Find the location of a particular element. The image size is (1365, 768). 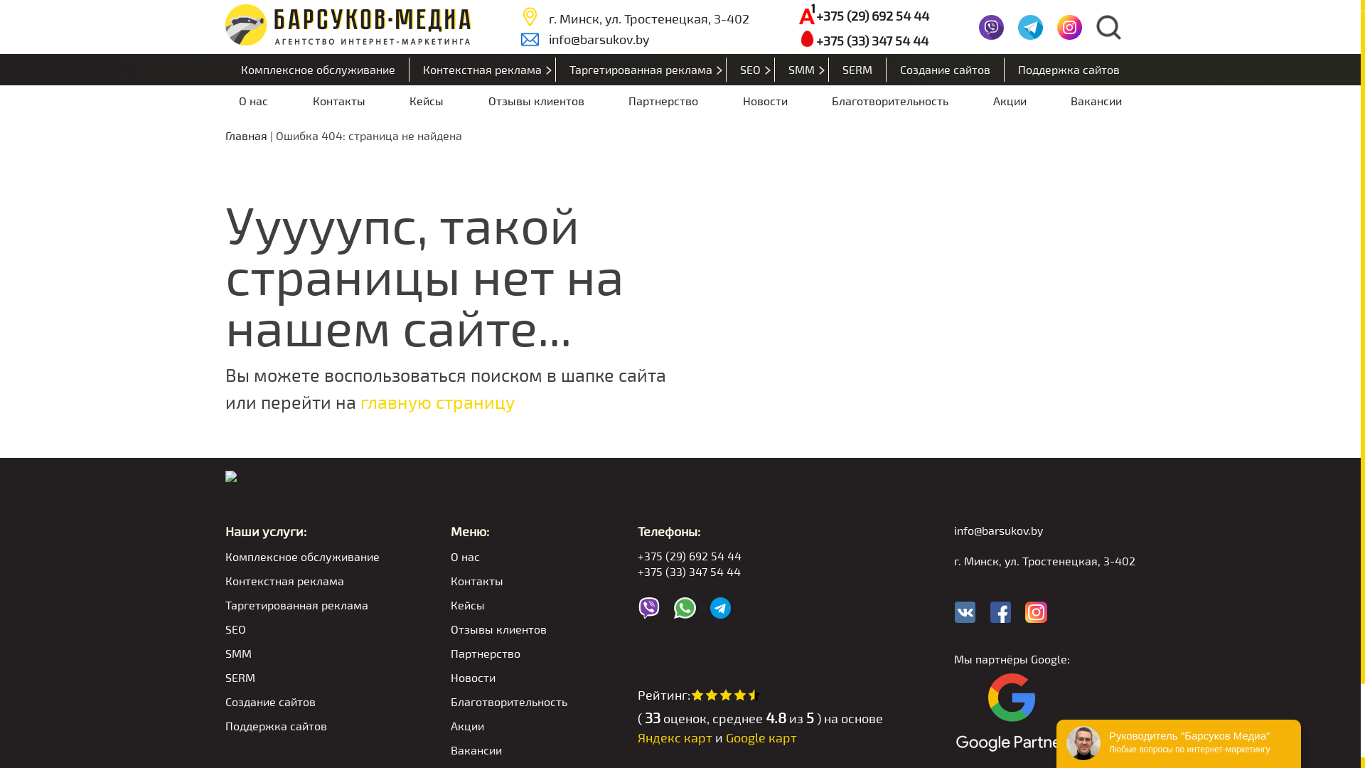

'SMM' is located at coordinates (301, 653).